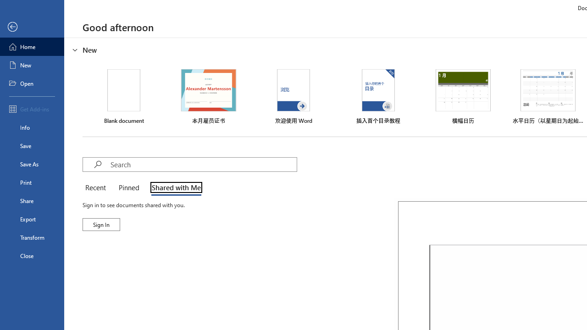 The height and width of the screenshot is (330, 587). I want to click on 'Info', so click(32, 127).